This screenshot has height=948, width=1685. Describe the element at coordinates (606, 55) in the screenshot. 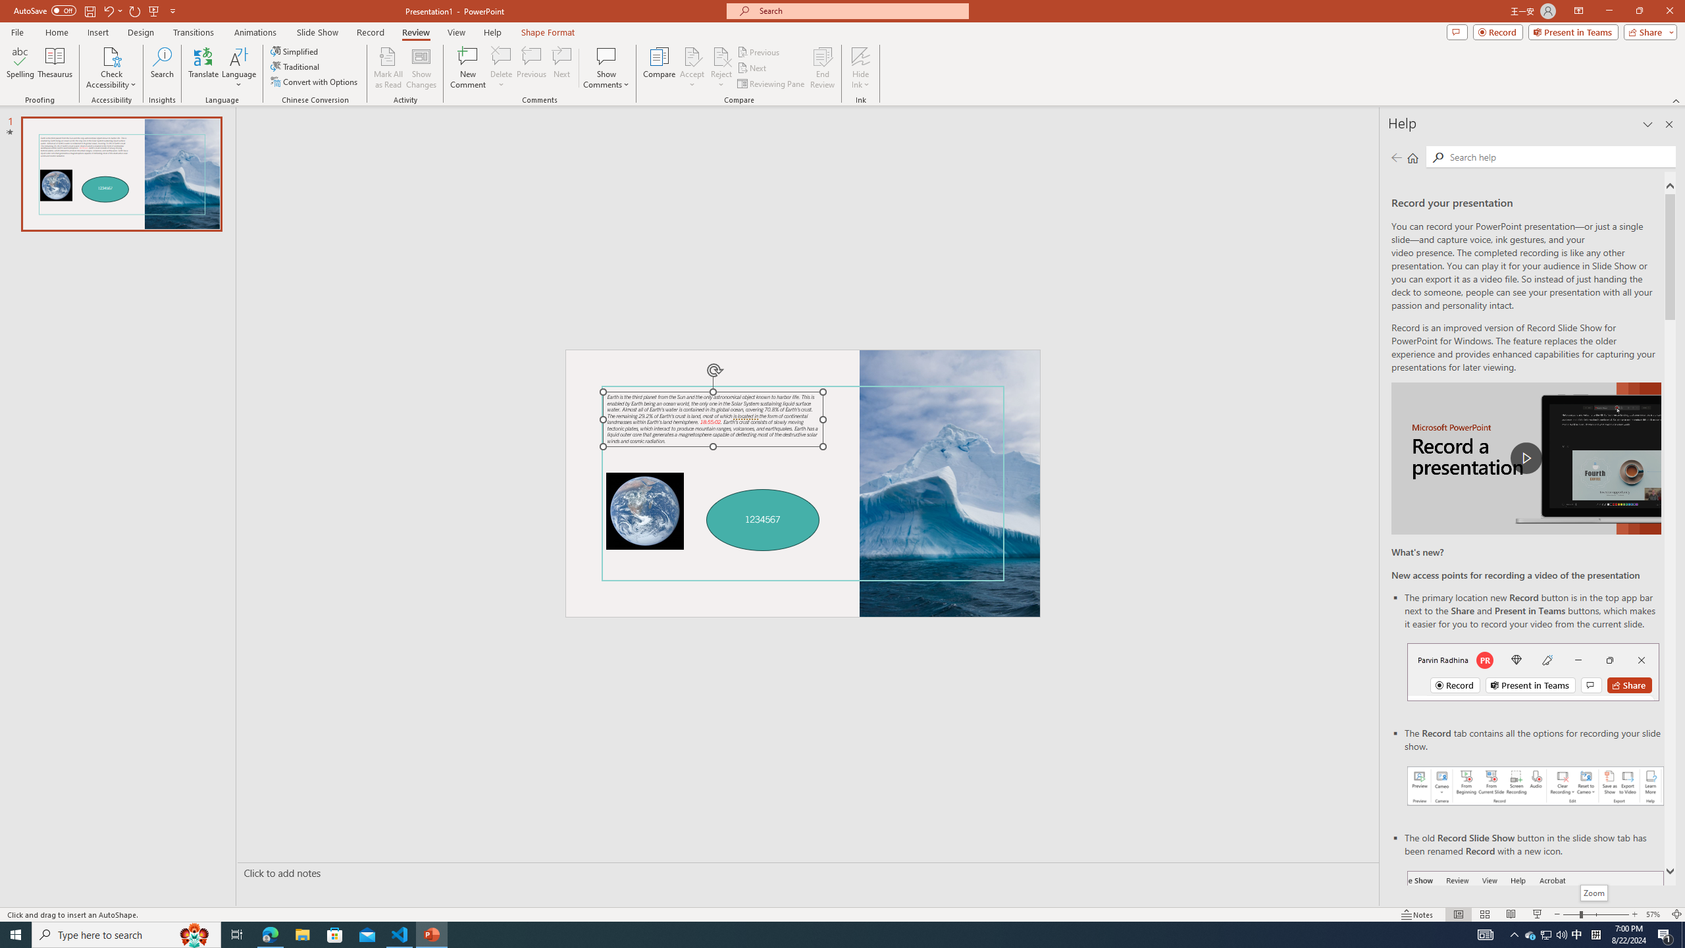

I see `'Show Comments'` at that location.